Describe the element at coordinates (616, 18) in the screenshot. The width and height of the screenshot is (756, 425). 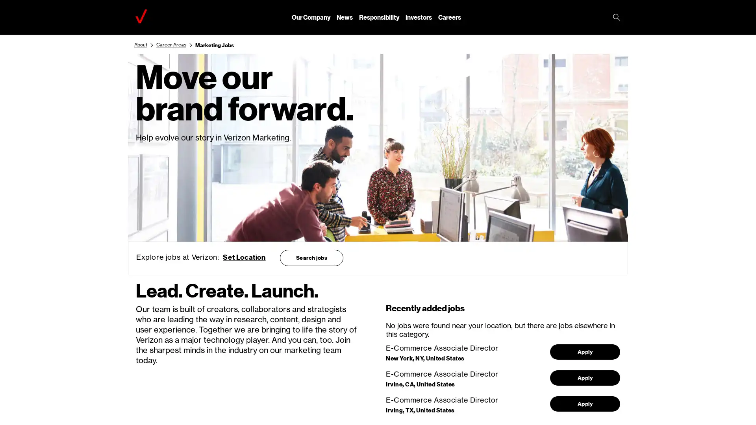
I see `Search Verizon` at that location.